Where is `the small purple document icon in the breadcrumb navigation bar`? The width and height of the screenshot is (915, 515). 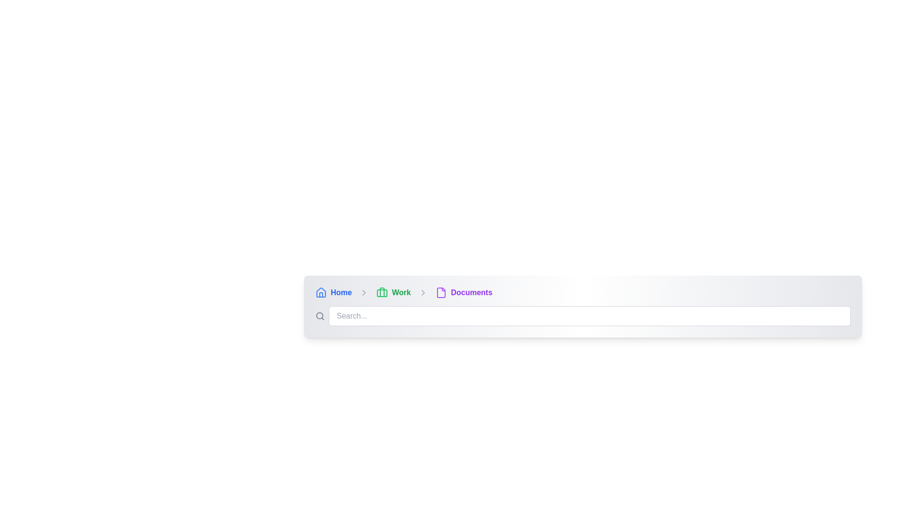 the small purple document icon in the breadcrumb navigation bar is located at coordinates (441, 292).